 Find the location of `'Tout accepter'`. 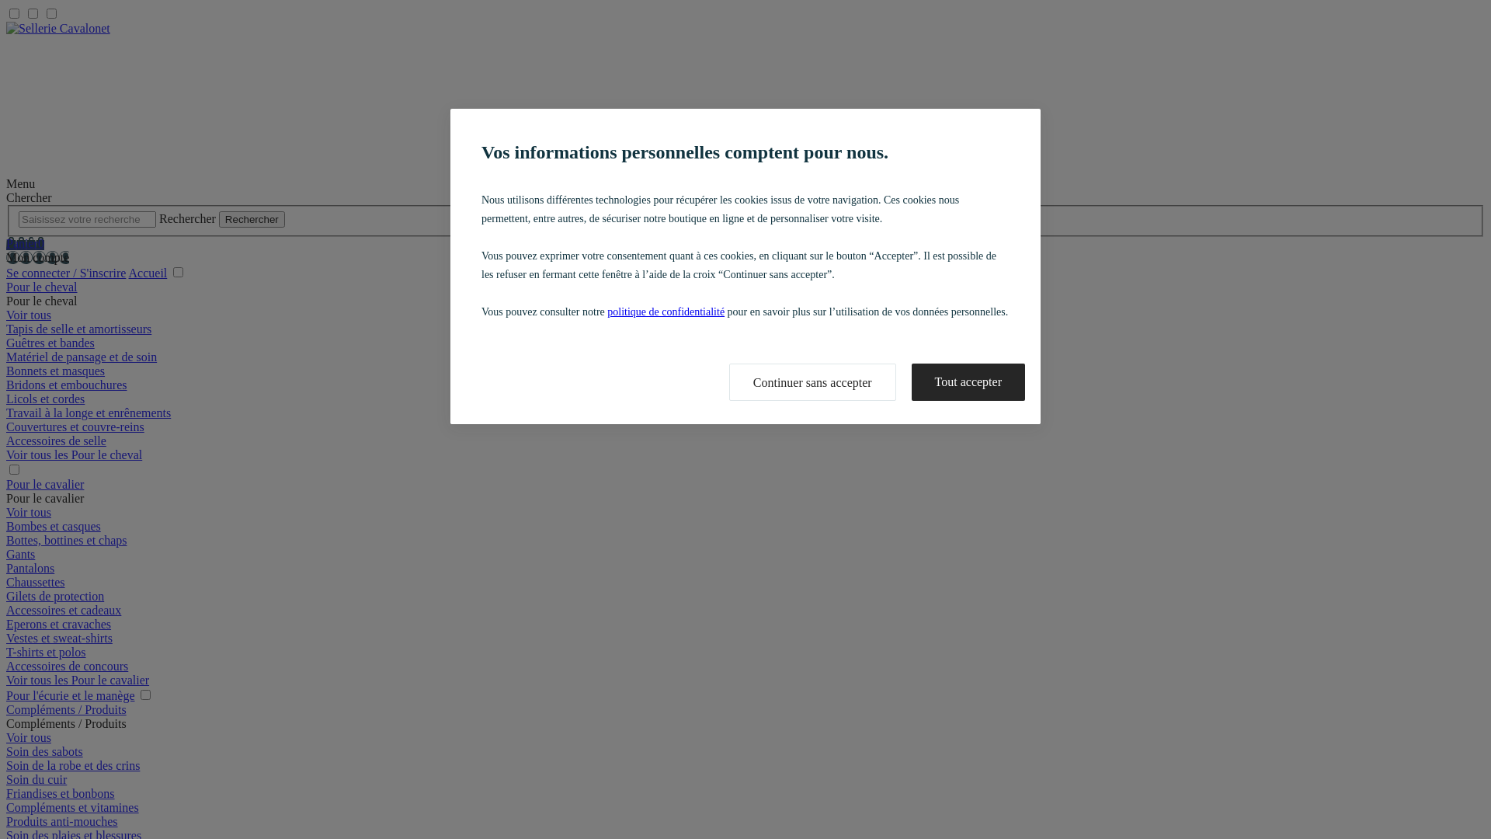

'Tout accepter' is located at coordinates (912, 382).